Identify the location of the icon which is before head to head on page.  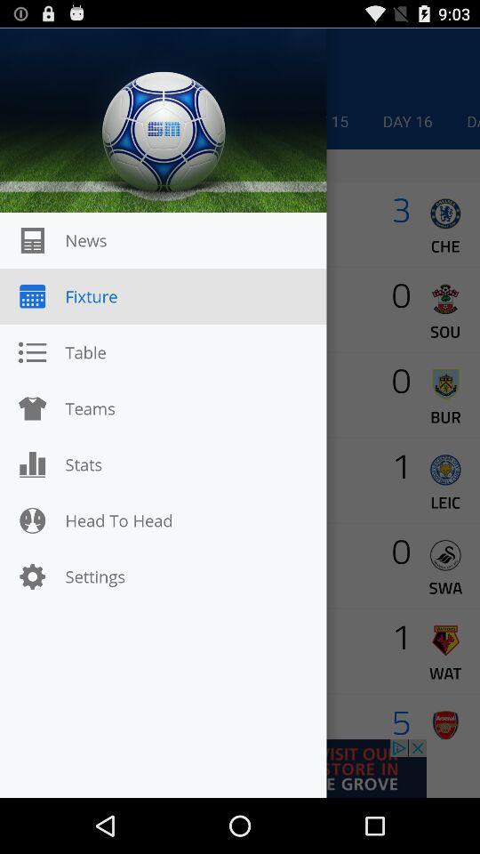
(32, 520).